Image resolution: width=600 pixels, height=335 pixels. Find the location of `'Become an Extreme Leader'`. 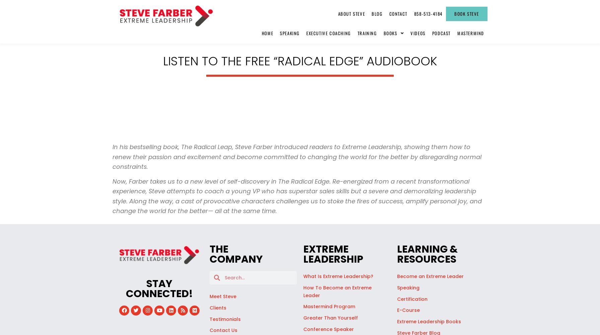

'Become an Extreme Leader' is located at coordinates (430, 276).